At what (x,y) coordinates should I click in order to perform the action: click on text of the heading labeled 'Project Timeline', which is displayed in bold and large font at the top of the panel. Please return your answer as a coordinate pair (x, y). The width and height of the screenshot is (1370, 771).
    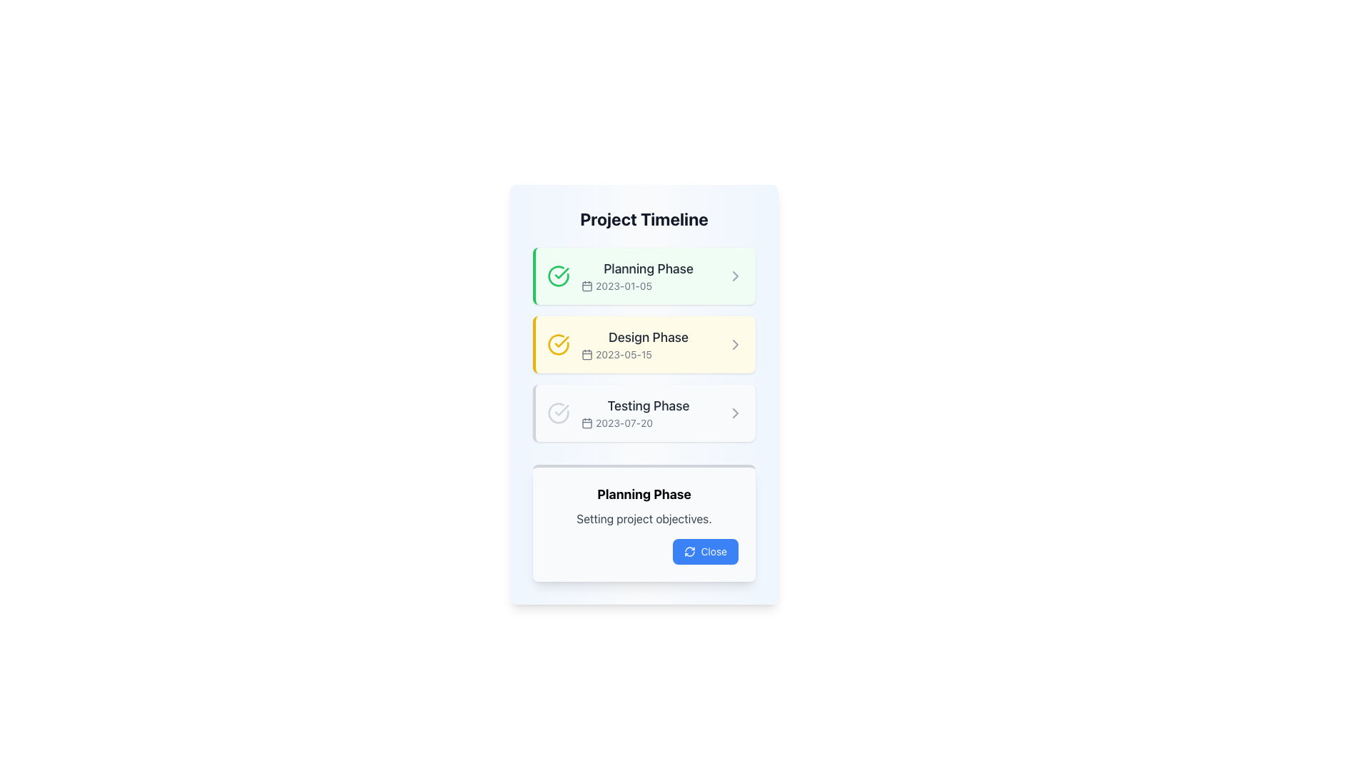
    Looking at the image, I should click on (643, 219).